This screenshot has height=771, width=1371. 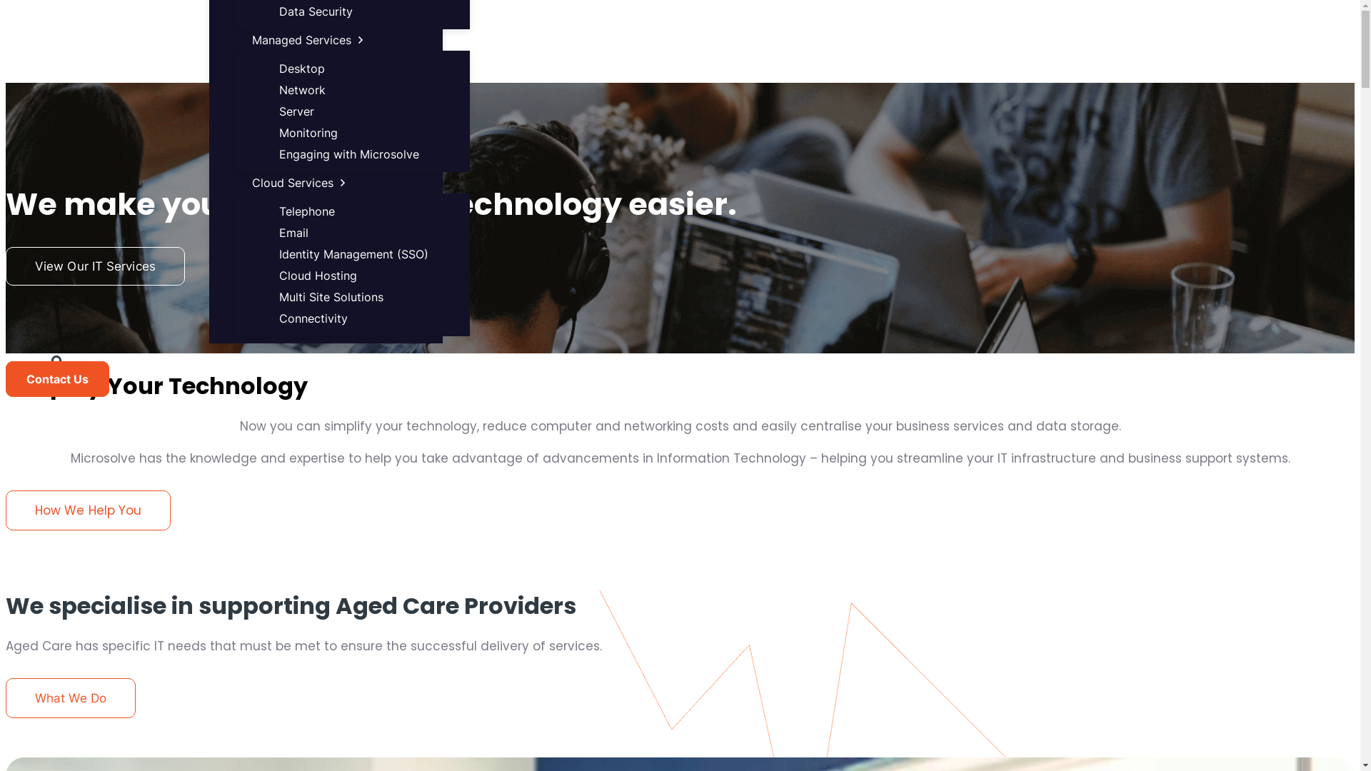 I want to click on 'Engaging with Microsolve', so click(x=349, y=154).